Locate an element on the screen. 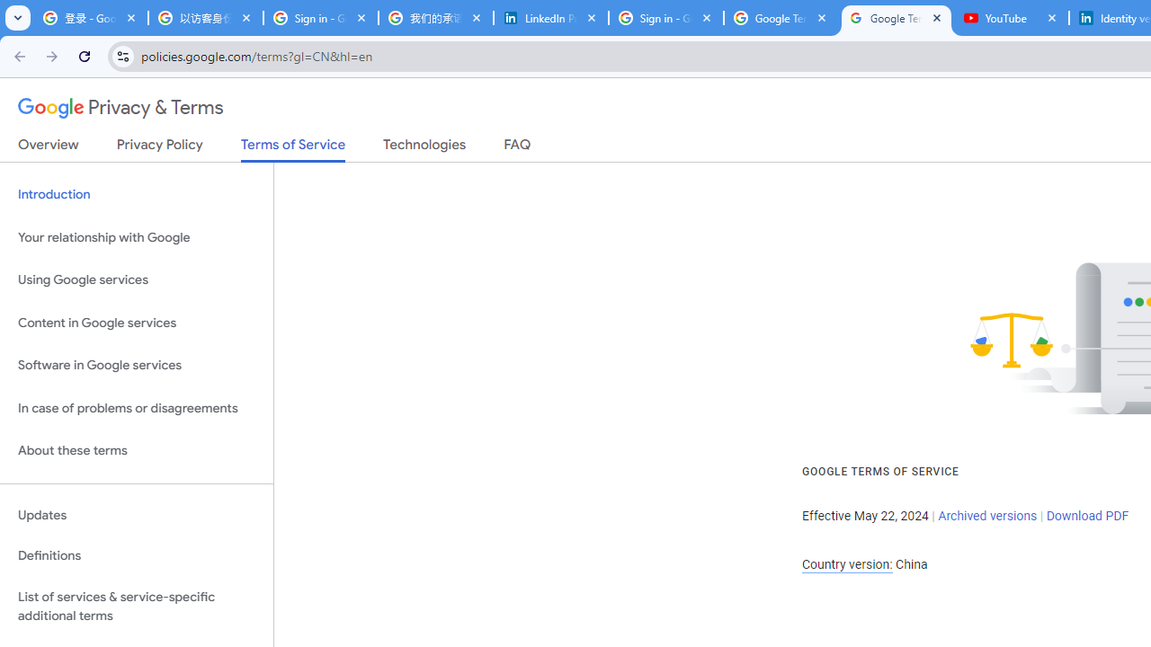  'YouTube' is located at coordinates (1012, 18).